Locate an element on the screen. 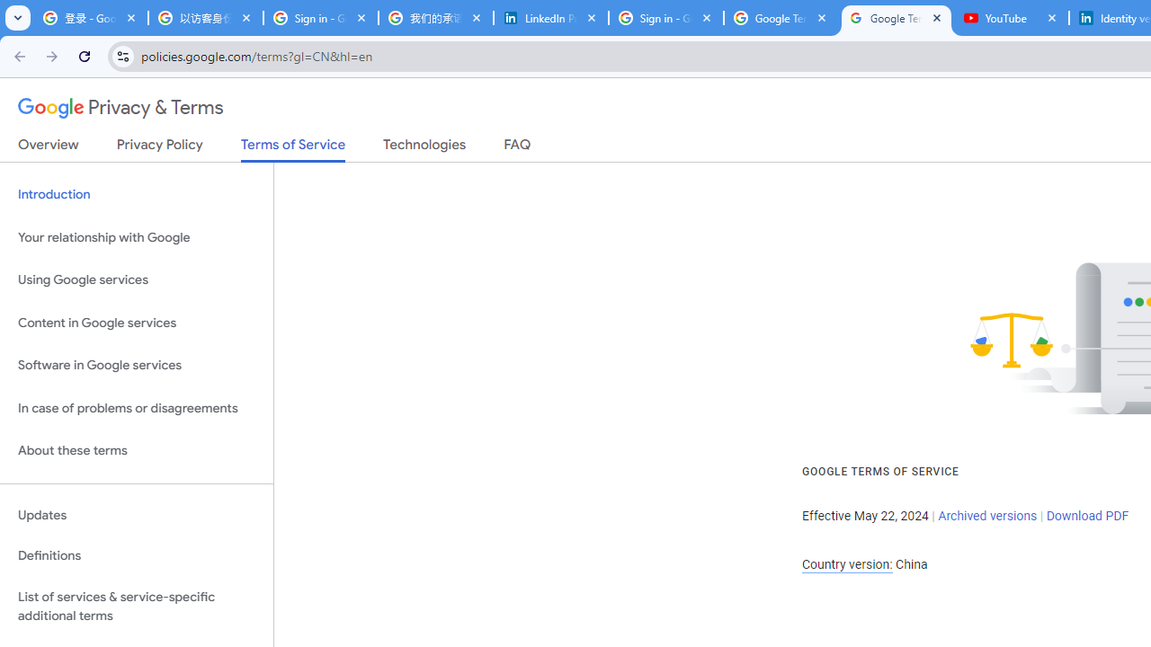  'YouTube' is located at coordinates (1012, 18).